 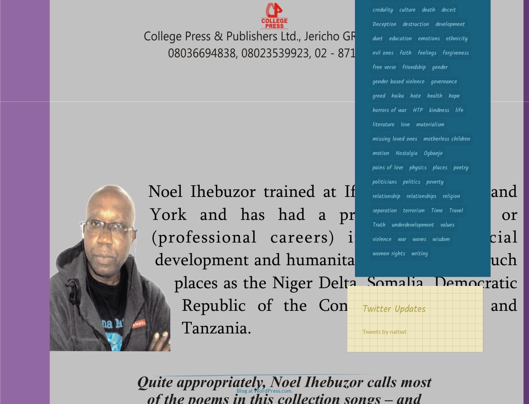 What do you see at coordinates (447, 225) in the screenshot?
I see `'values'` at bounding box center [447, 225].